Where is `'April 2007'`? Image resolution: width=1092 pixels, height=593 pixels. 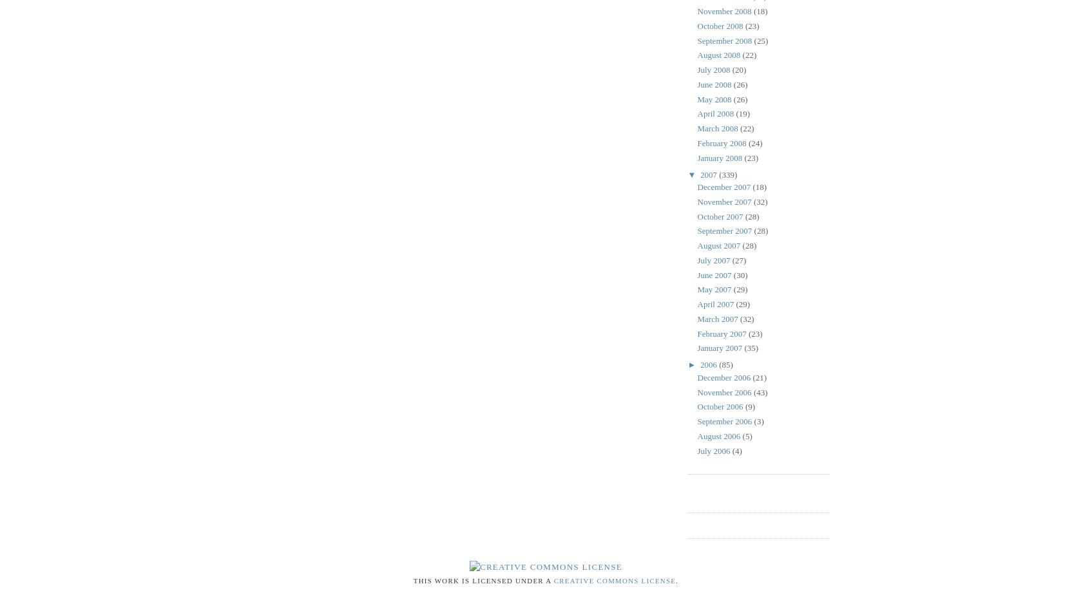
'April 2007' is located at coordinates (715, 303).